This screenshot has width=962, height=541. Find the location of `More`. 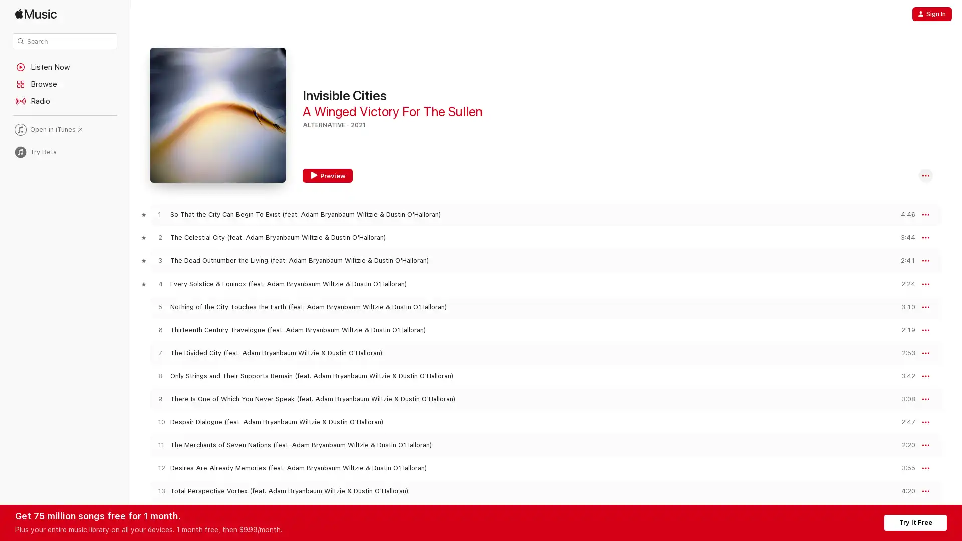

More is located at coordinates (925, 214).